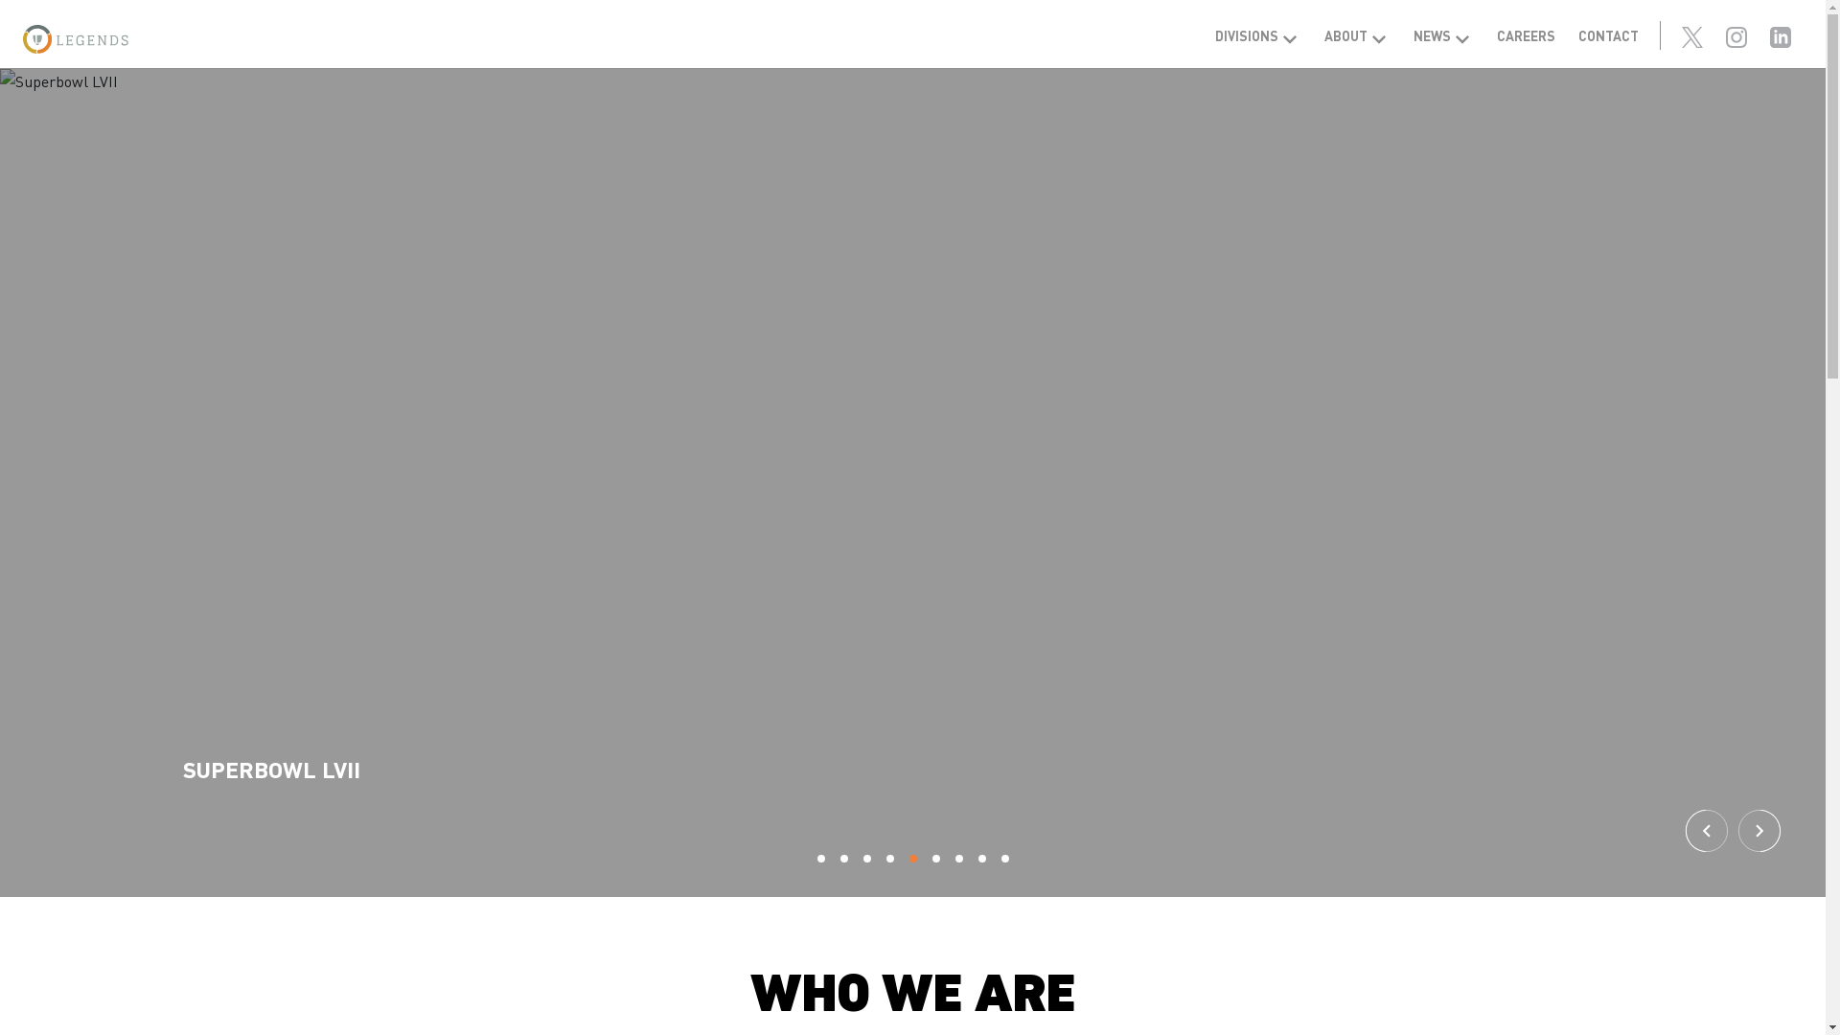  Describe the element at coordinates (1258, 35) in the screenshot. I see `'DIVISIONS'` at that location.